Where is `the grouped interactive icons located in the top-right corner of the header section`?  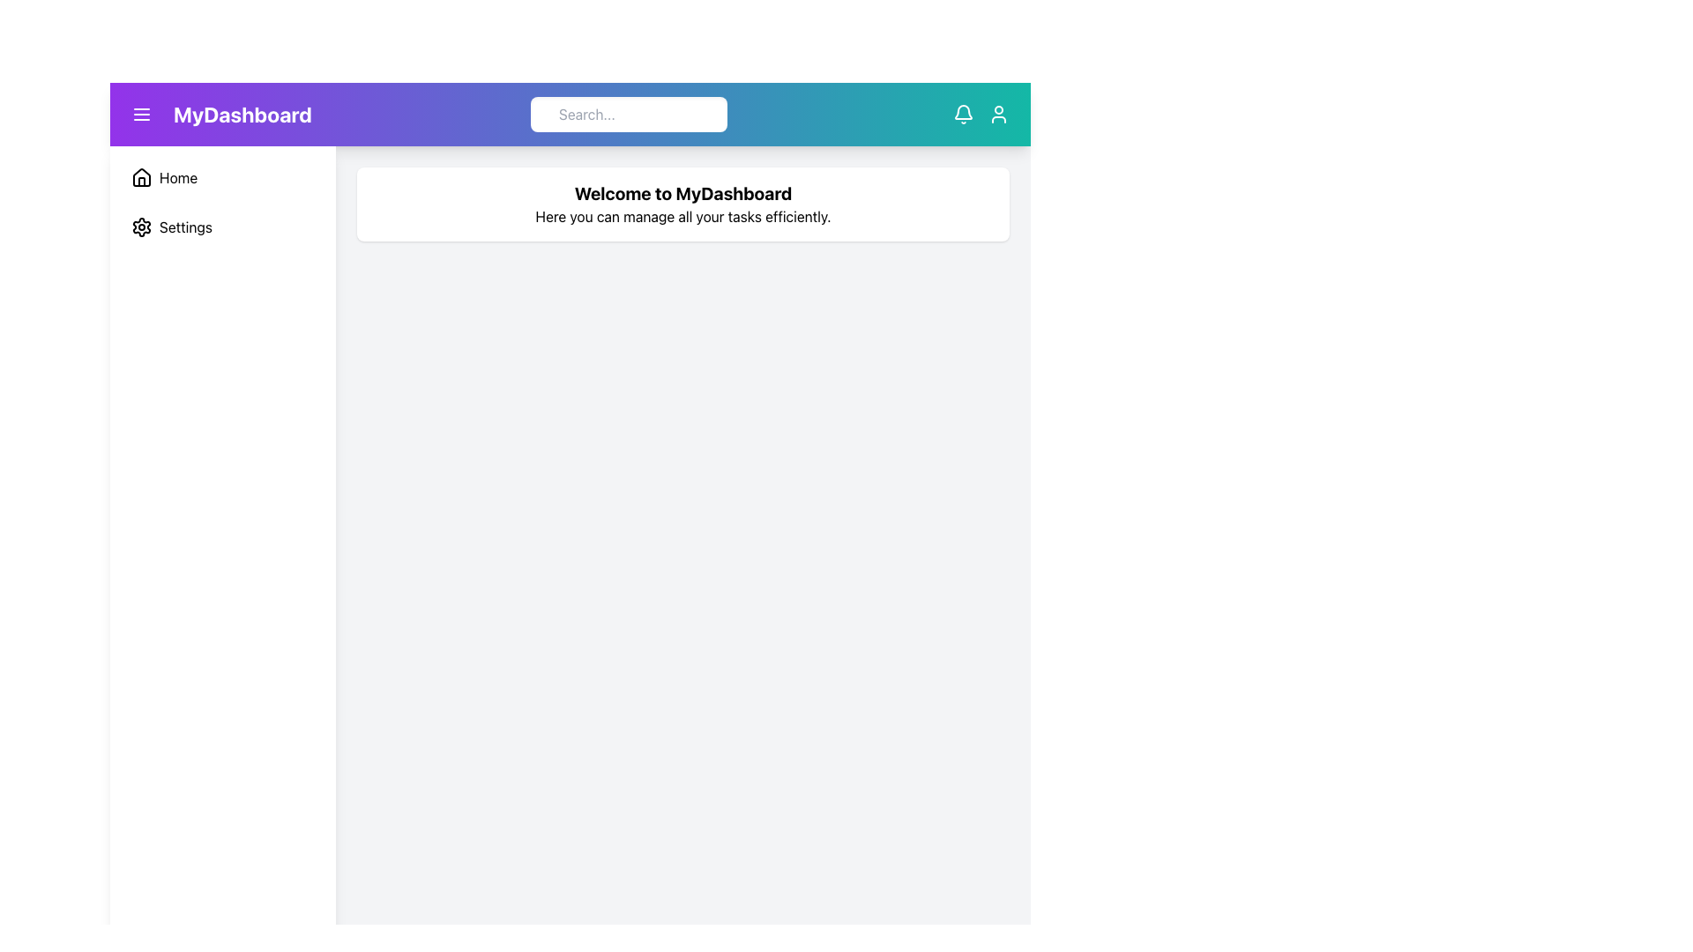
the grouped interactive icons located in the top-right corner of the header section is located at coordinates (981, 115).